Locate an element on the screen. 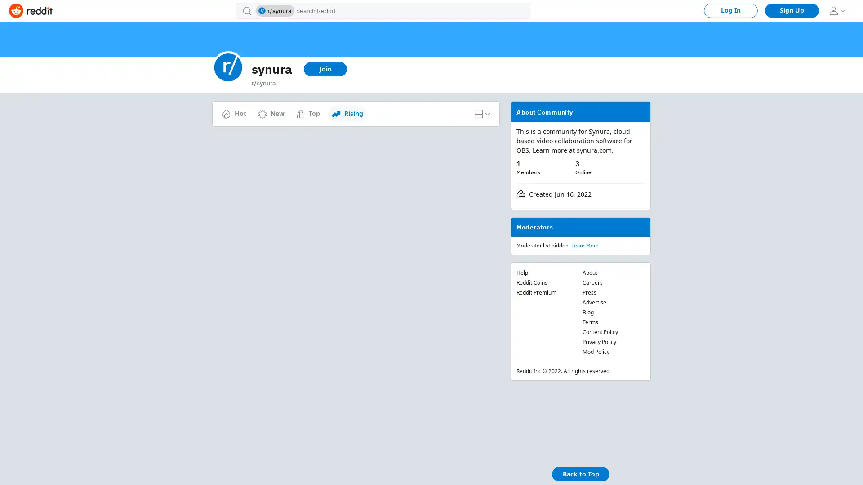  New is located at coordinates (271, 114).